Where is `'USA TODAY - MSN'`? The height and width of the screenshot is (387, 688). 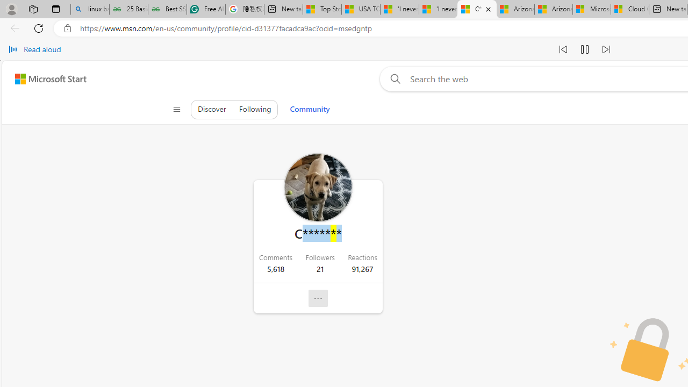
'USA TODAY - MSN' is located at coordinates (361, 9).